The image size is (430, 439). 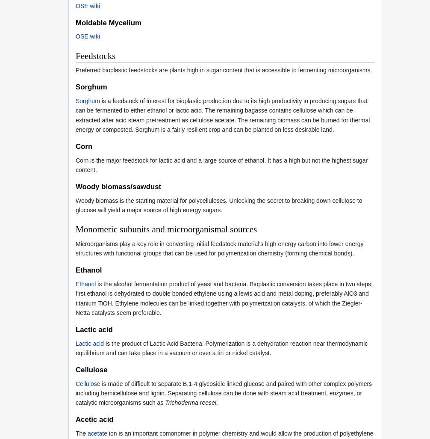 What do you see at coordinates (217, 403) in the screenshot?
I see `'.'` at bounding box center [217, 403].